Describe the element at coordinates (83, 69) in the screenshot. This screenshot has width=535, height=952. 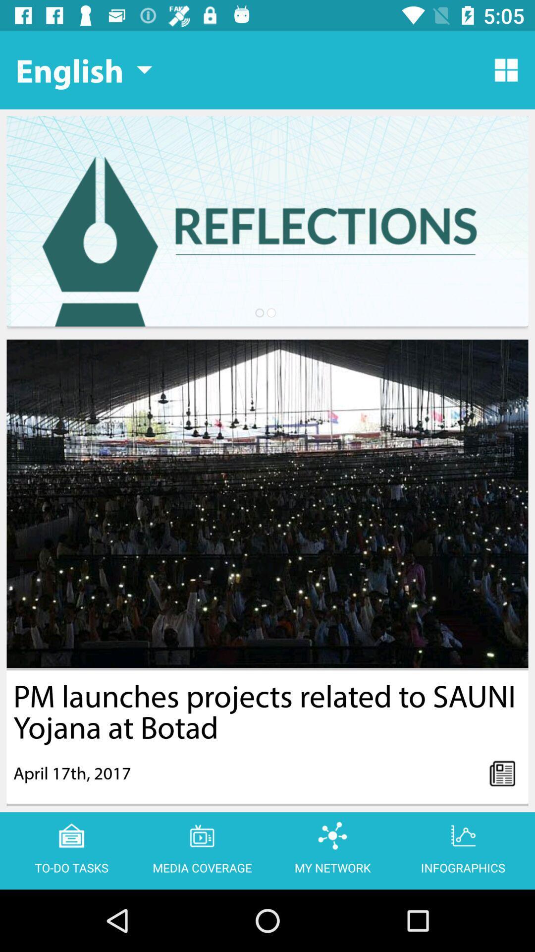
I see `the icon at the top left corner` at that location.